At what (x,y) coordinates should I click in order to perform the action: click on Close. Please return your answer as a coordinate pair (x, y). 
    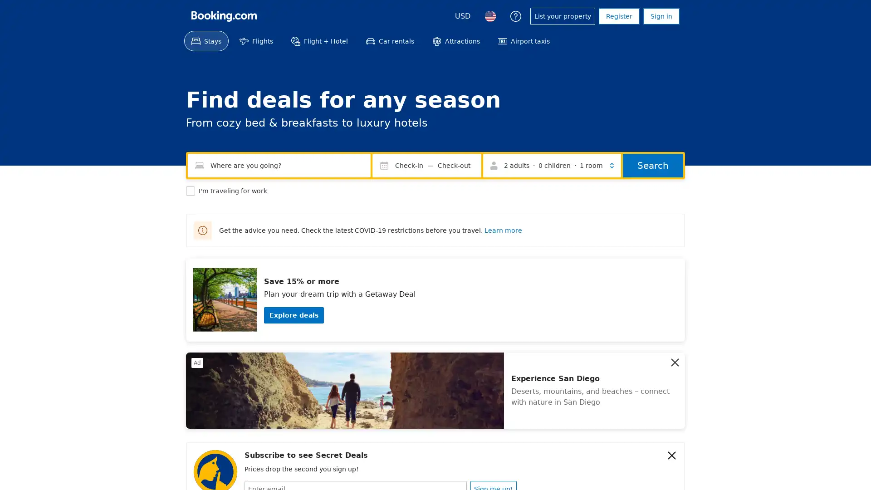
    Looking at the image, I should click on (675, 362).